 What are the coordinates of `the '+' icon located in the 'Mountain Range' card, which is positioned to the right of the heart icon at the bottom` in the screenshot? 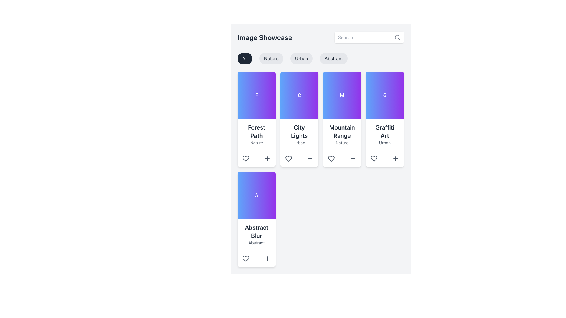 It's located at (353, 158).